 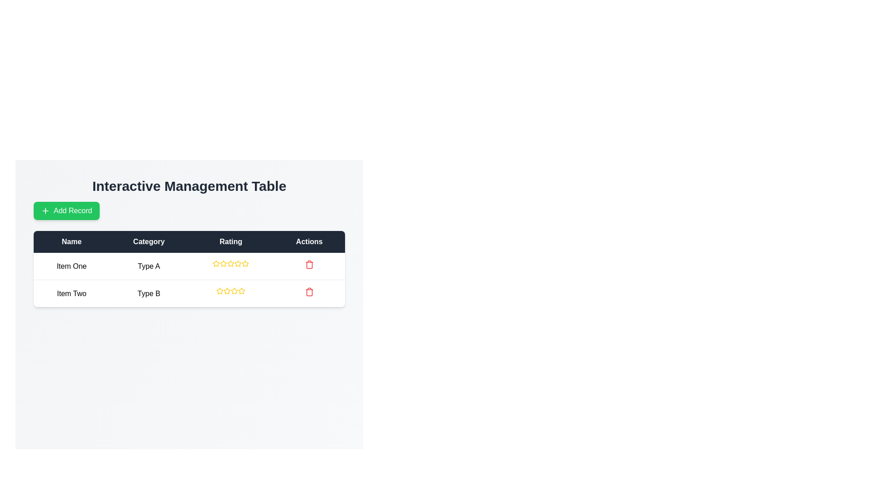 What do you see at coordinates (45, 210) in the screenshot?
I see `the 'Add Record' button icon, which is located to the left of the label text and serves as a visual indicator for adding new records` at bounding box center [45, 210].